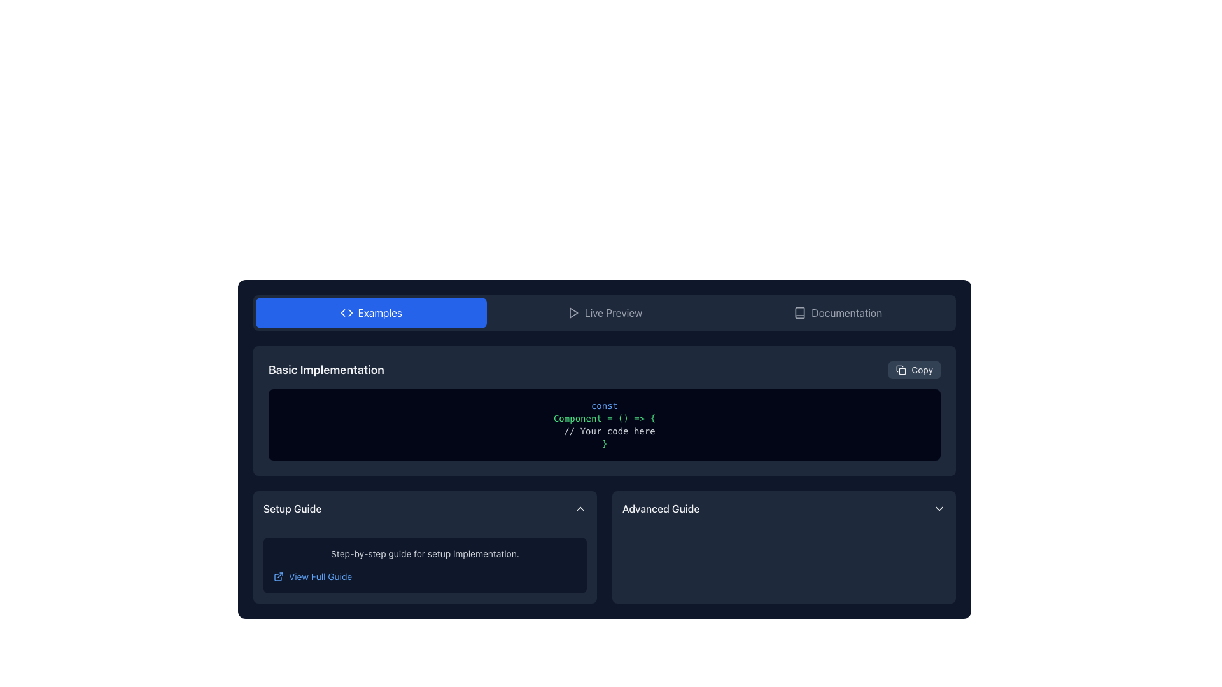 This screenshot has height=687, width=1222. I want to click on the 'play' button located in the central navigation bar, adjacent to the 'Live Preview' text, to initiate playback, so click(572, 313).